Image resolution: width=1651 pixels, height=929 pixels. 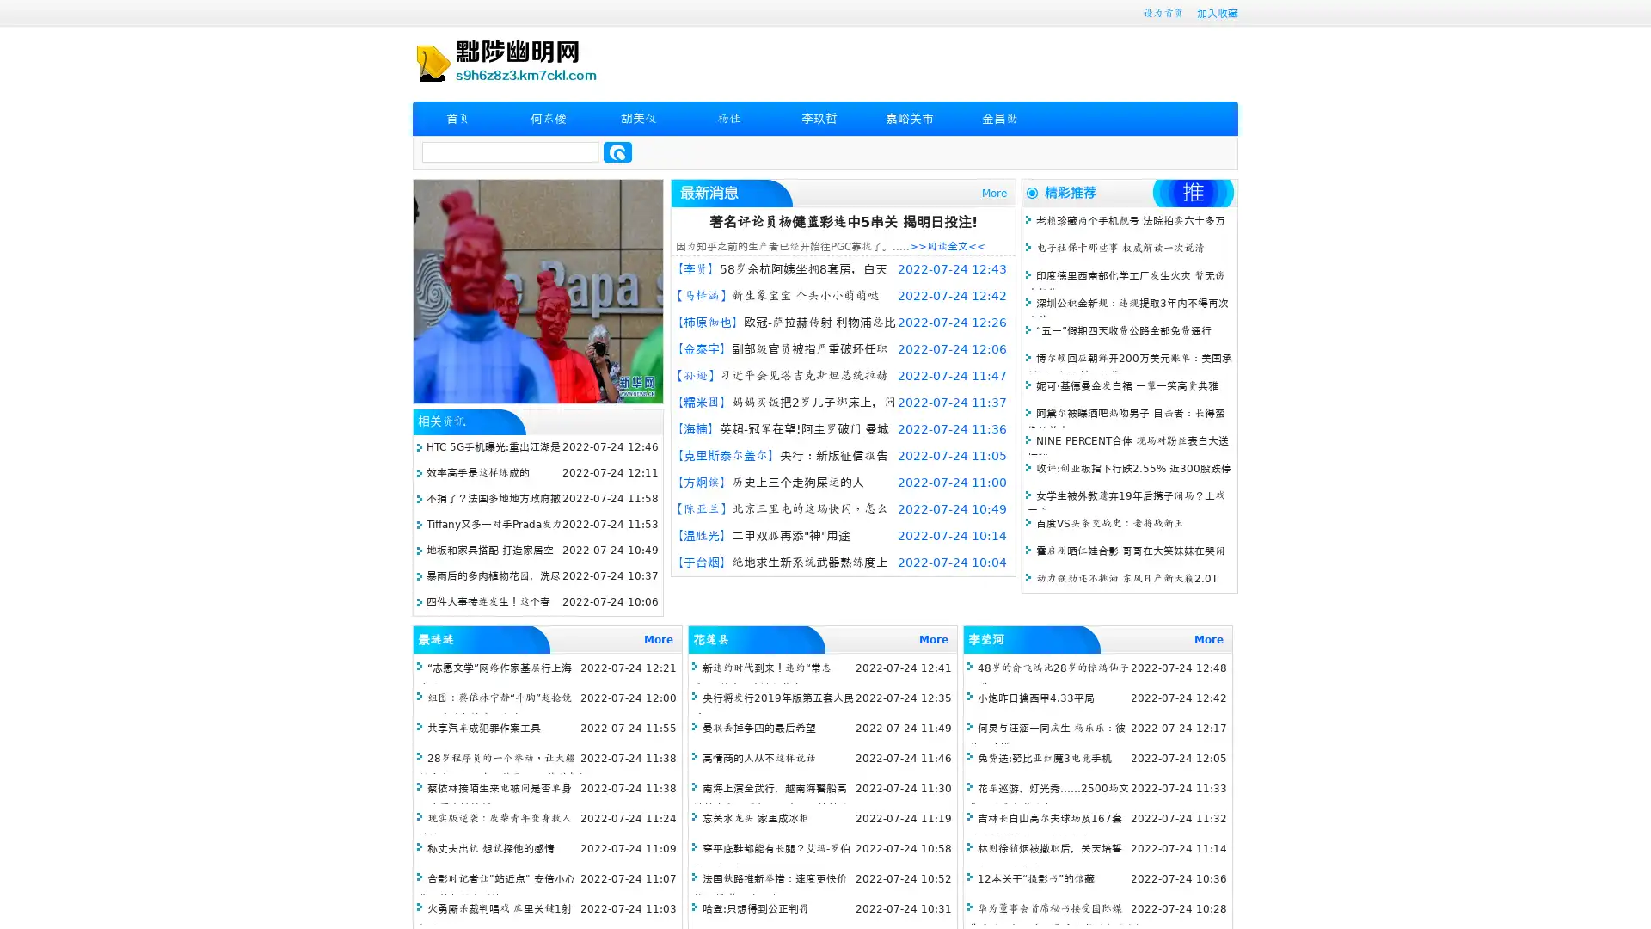 What do you see at coordinates (617, 151) in the screenshot?
I see `Search` at bounding box center [617, 151].